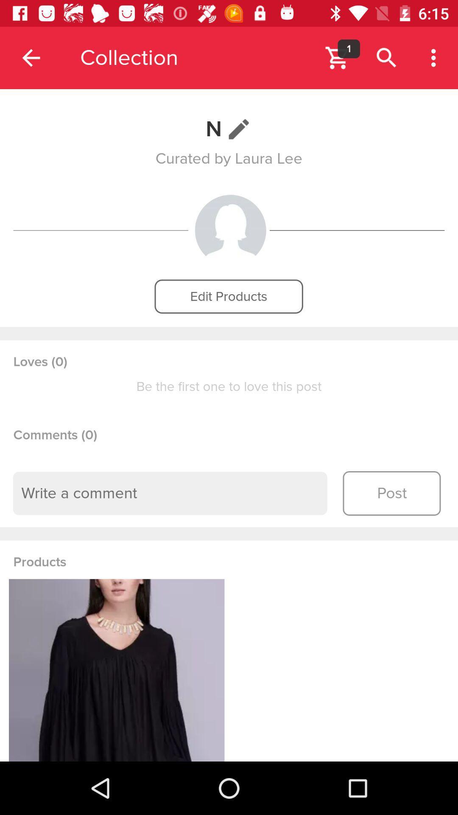 The height and width of the screenshot is (815, 458). Describe the element at coordinates (349, 48) in the screenshot. I see `the icon to the right of the collection item` at that location.